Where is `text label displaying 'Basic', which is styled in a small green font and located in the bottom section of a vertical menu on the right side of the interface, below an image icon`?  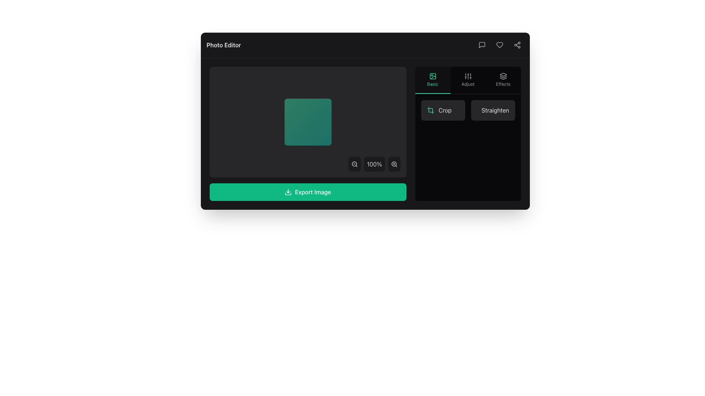 text label displaying 'Basic', which is styled in a small green font and located in the bottom section of a vertical menu on the right side of the interface, below an image icon is located at coordinates (433, 84).